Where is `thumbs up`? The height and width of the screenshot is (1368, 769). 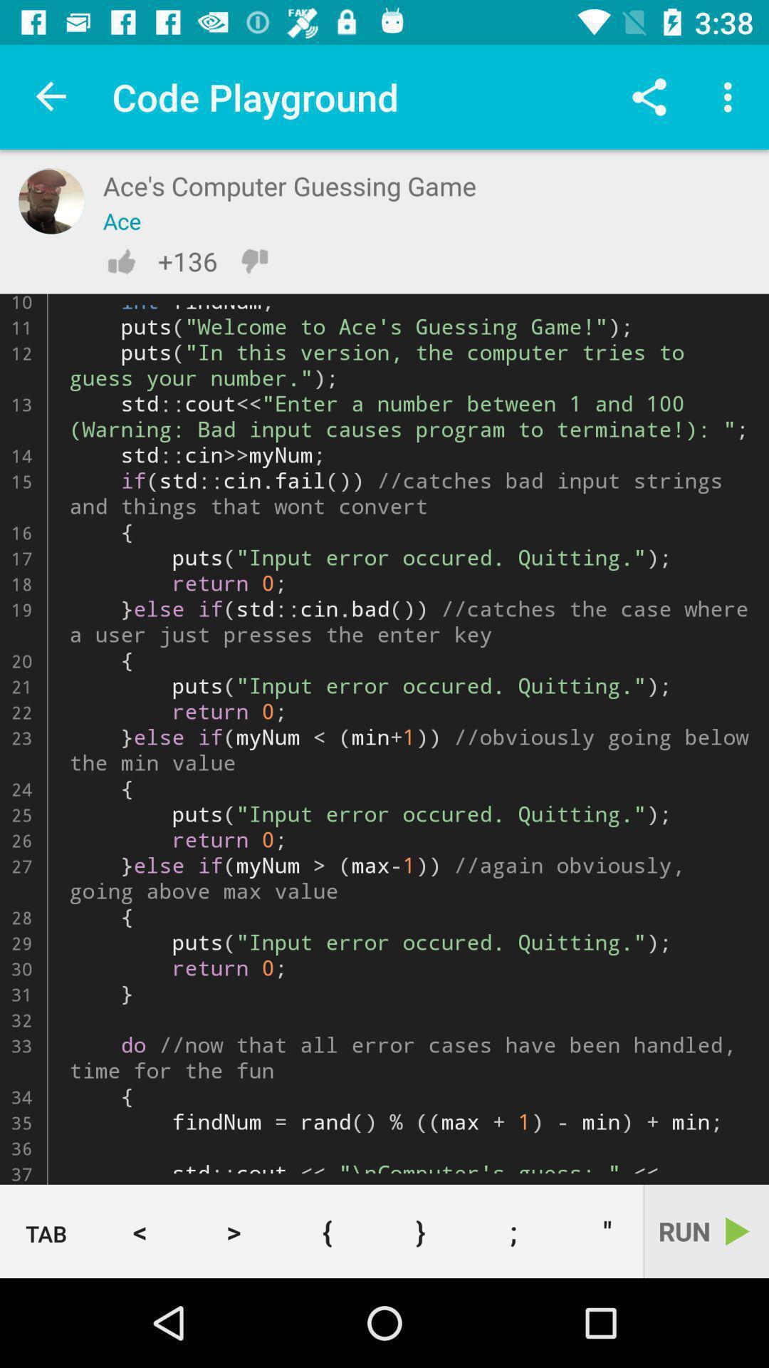
thumbs up is located at coordinates (120, 261).